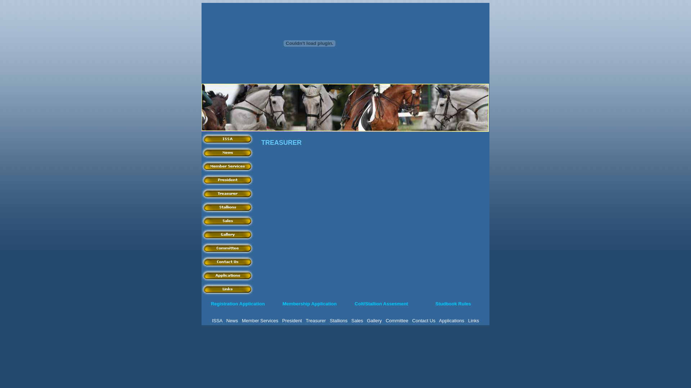 The width and height of the screenshot is (691, 388). I want to click on 'Gallery', so click(367, 320).